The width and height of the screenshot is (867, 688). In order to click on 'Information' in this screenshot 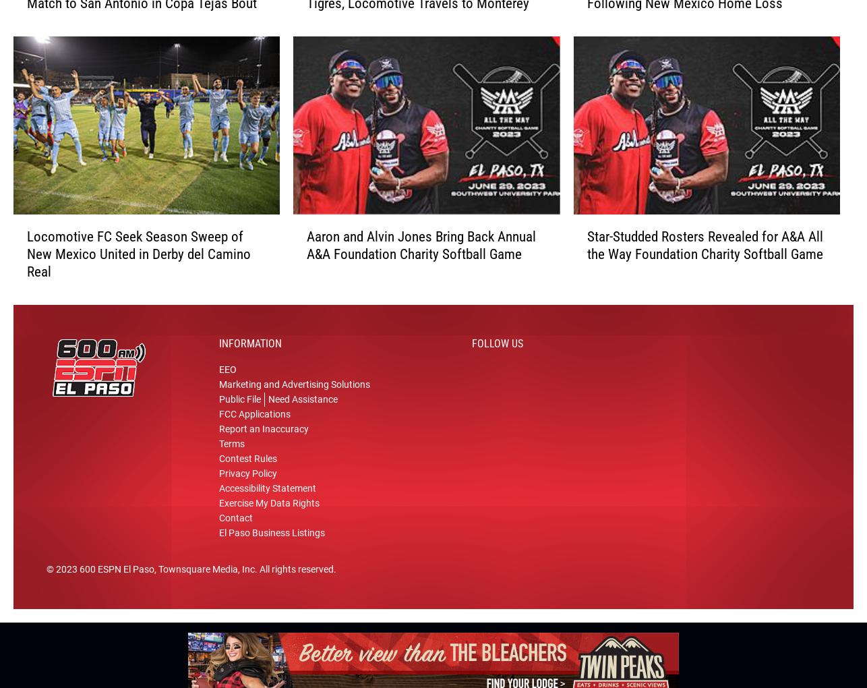, I will do `click(249, 348)`.